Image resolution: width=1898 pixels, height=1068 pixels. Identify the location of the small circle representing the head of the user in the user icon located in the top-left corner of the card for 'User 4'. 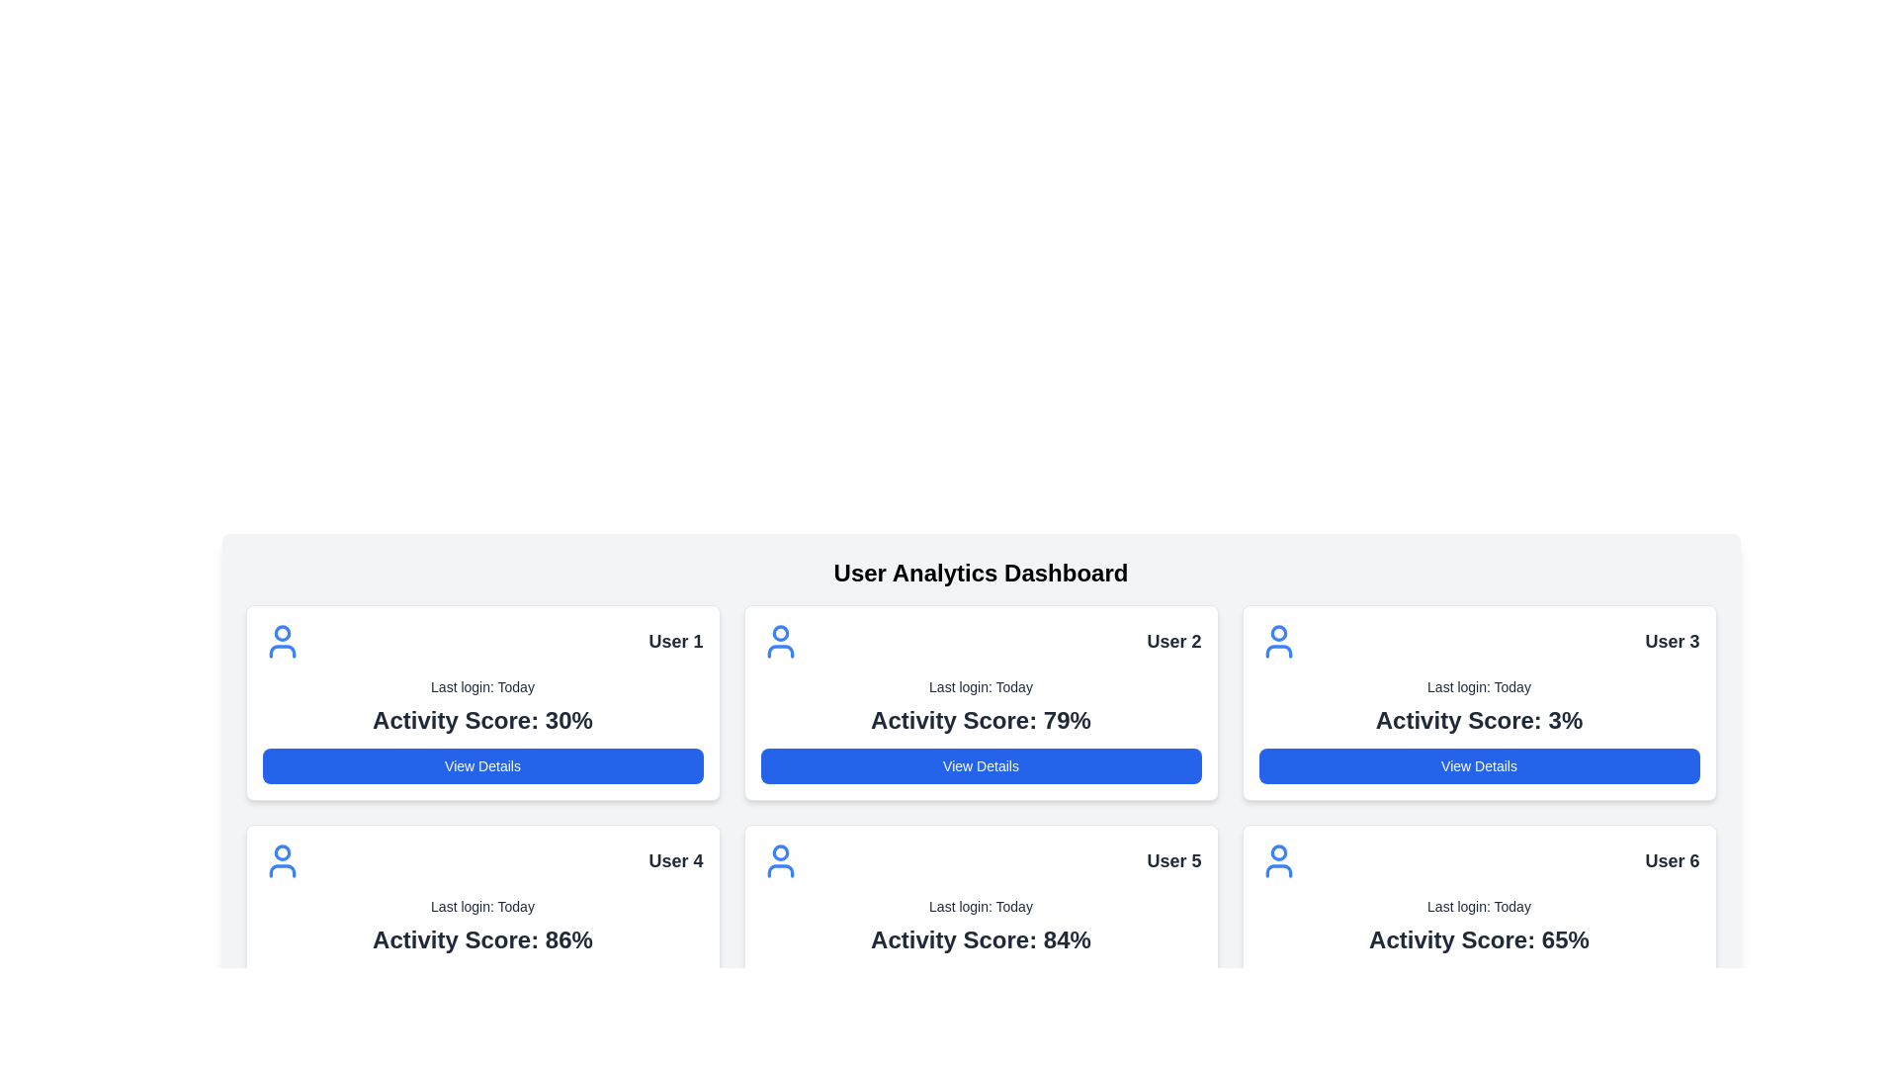
(281, 851).